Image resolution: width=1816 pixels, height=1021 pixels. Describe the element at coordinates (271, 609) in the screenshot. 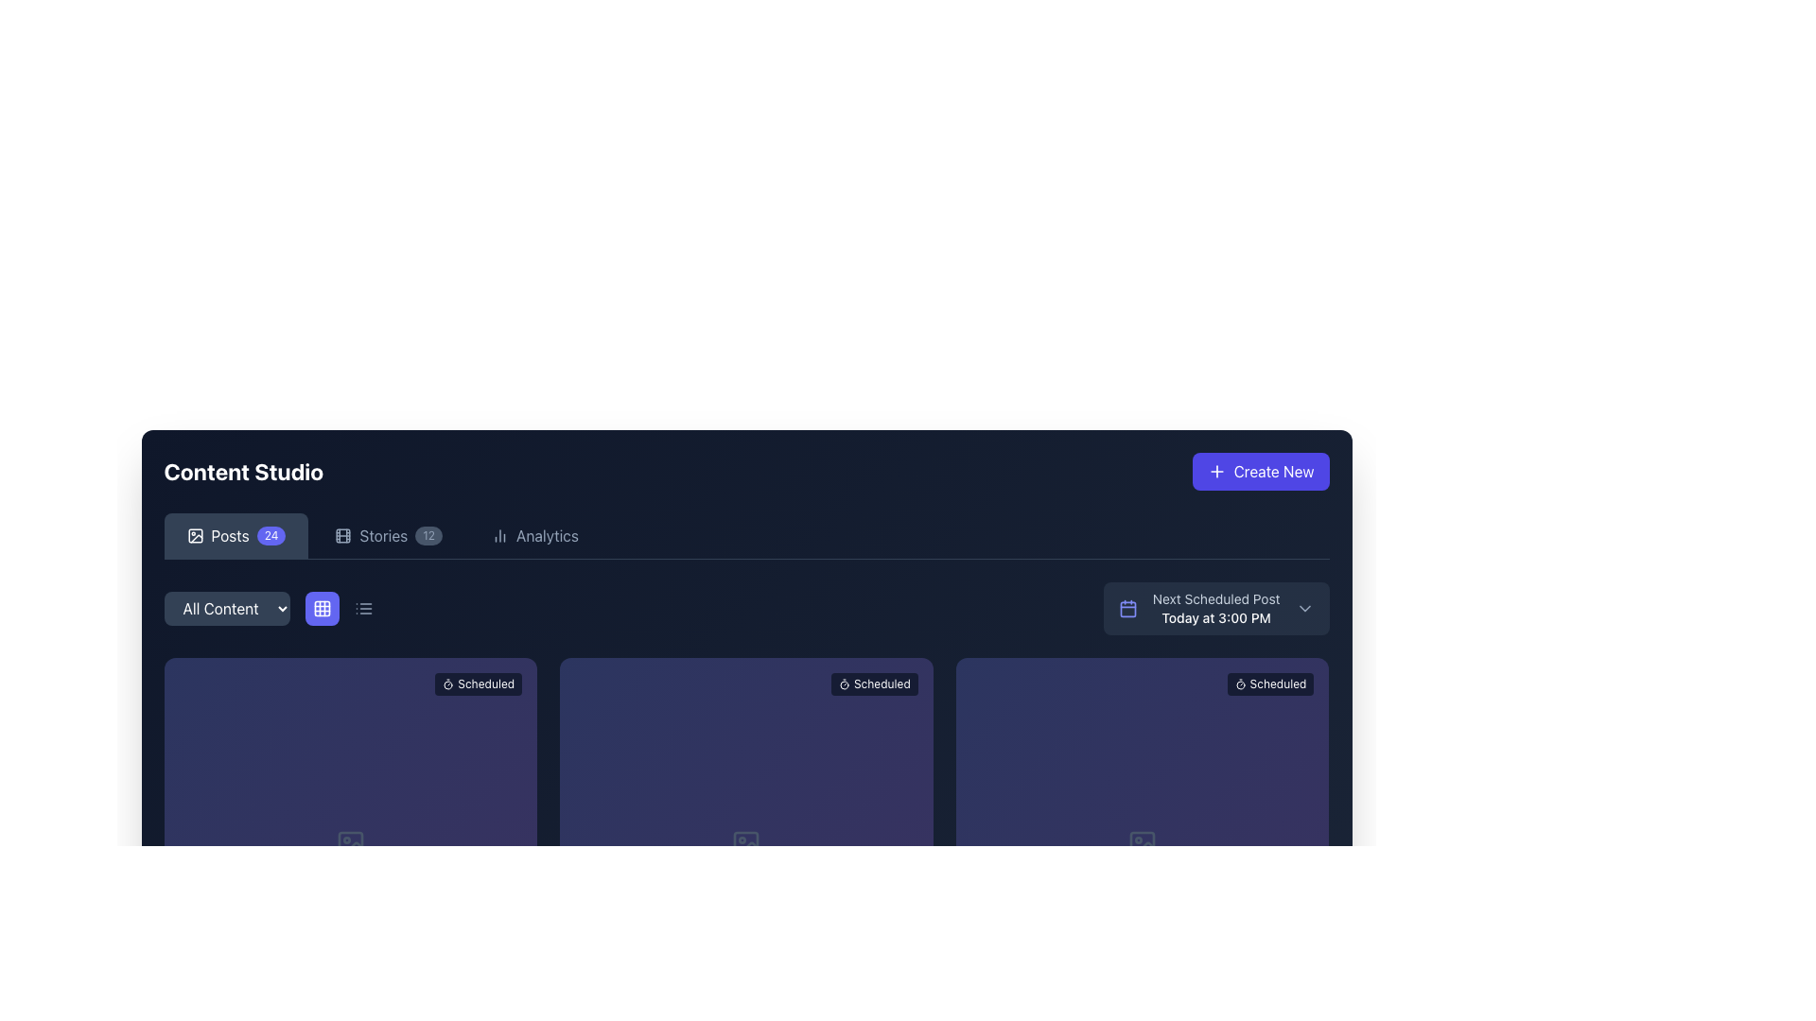

I see `the Dropdown menu trigger button located below the title 'Content Studio' and to the left of the layout toggle icons` at that location.